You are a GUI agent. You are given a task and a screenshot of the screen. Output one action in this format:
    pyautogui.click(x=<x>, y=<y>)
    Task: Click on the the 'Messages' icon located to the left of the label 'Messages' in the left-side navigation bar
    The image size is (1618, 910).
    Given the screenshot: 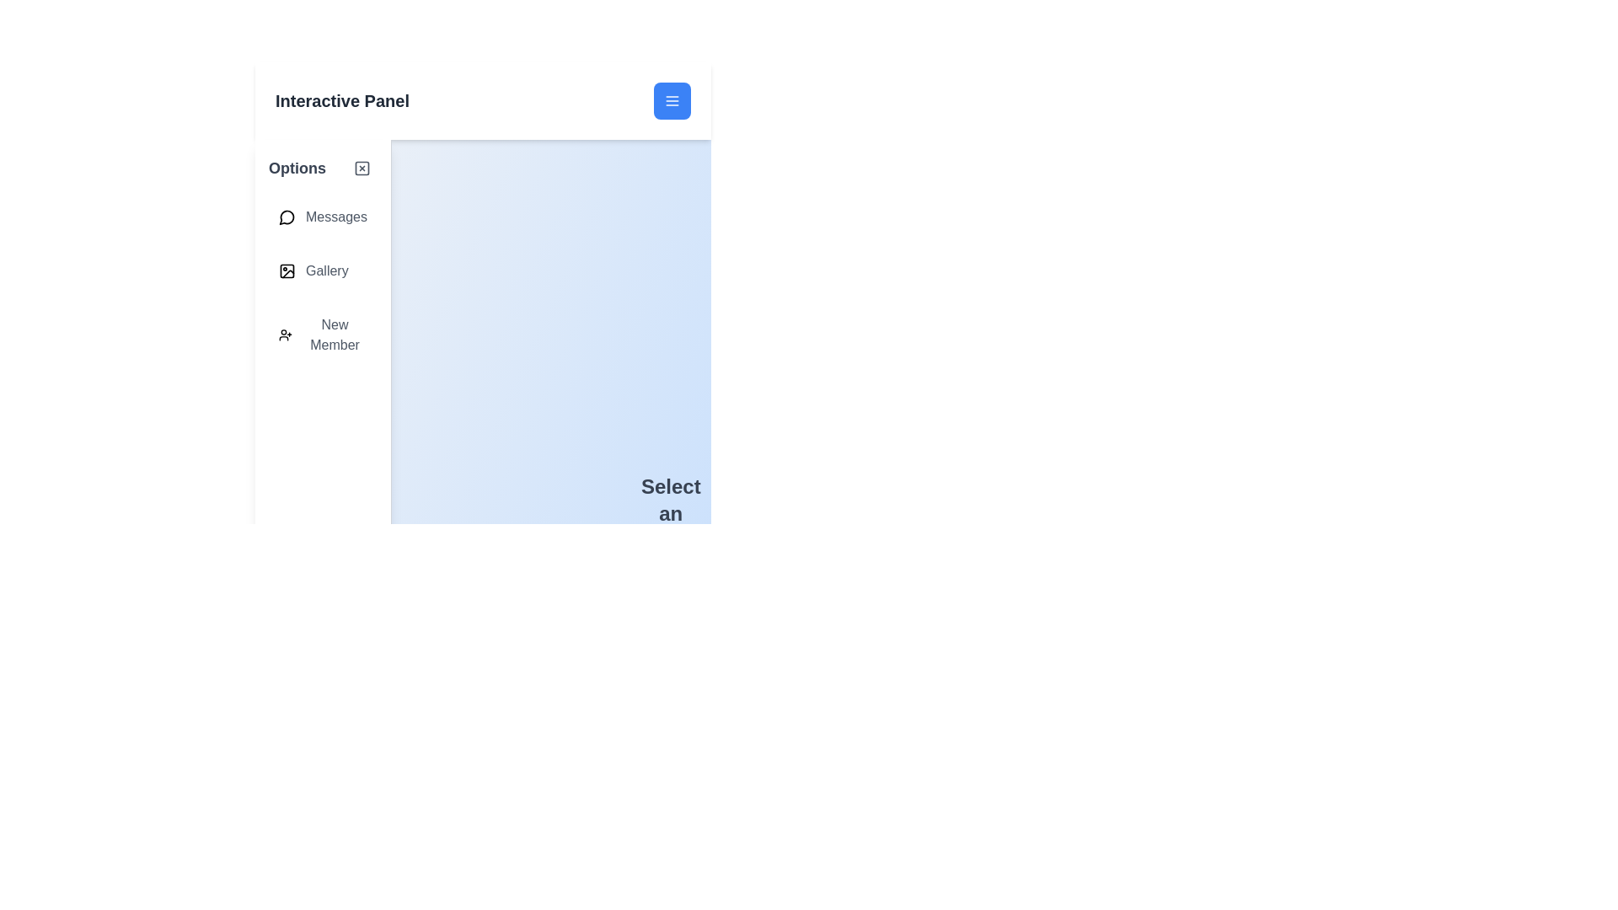 What is the action you would take?
    pyautogui.click(x=287, y=217)
    